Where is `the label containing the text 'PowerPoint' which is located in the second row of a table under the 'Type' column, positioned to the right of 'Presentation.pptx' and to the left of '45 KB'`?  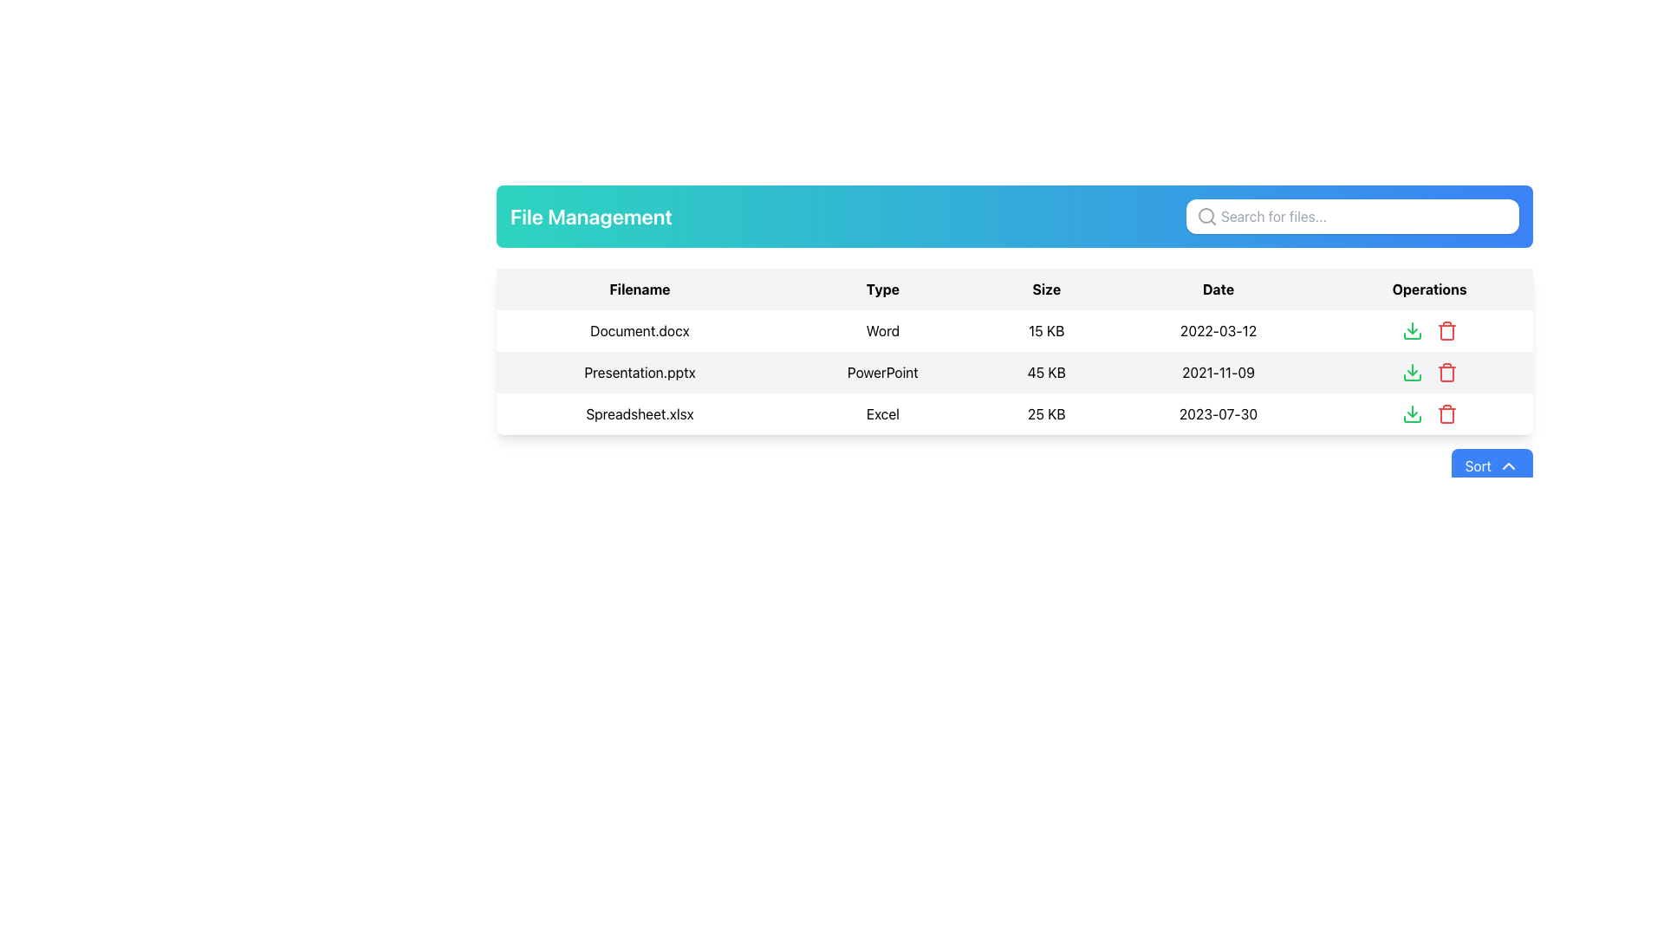 the label containing the text 'PowerPoint' which is located in the second row of a table under the 'Type' column, positioned to the right of 'Presentation.pptx' and to the left of '45 KB' is located at coordinates (882, 371).